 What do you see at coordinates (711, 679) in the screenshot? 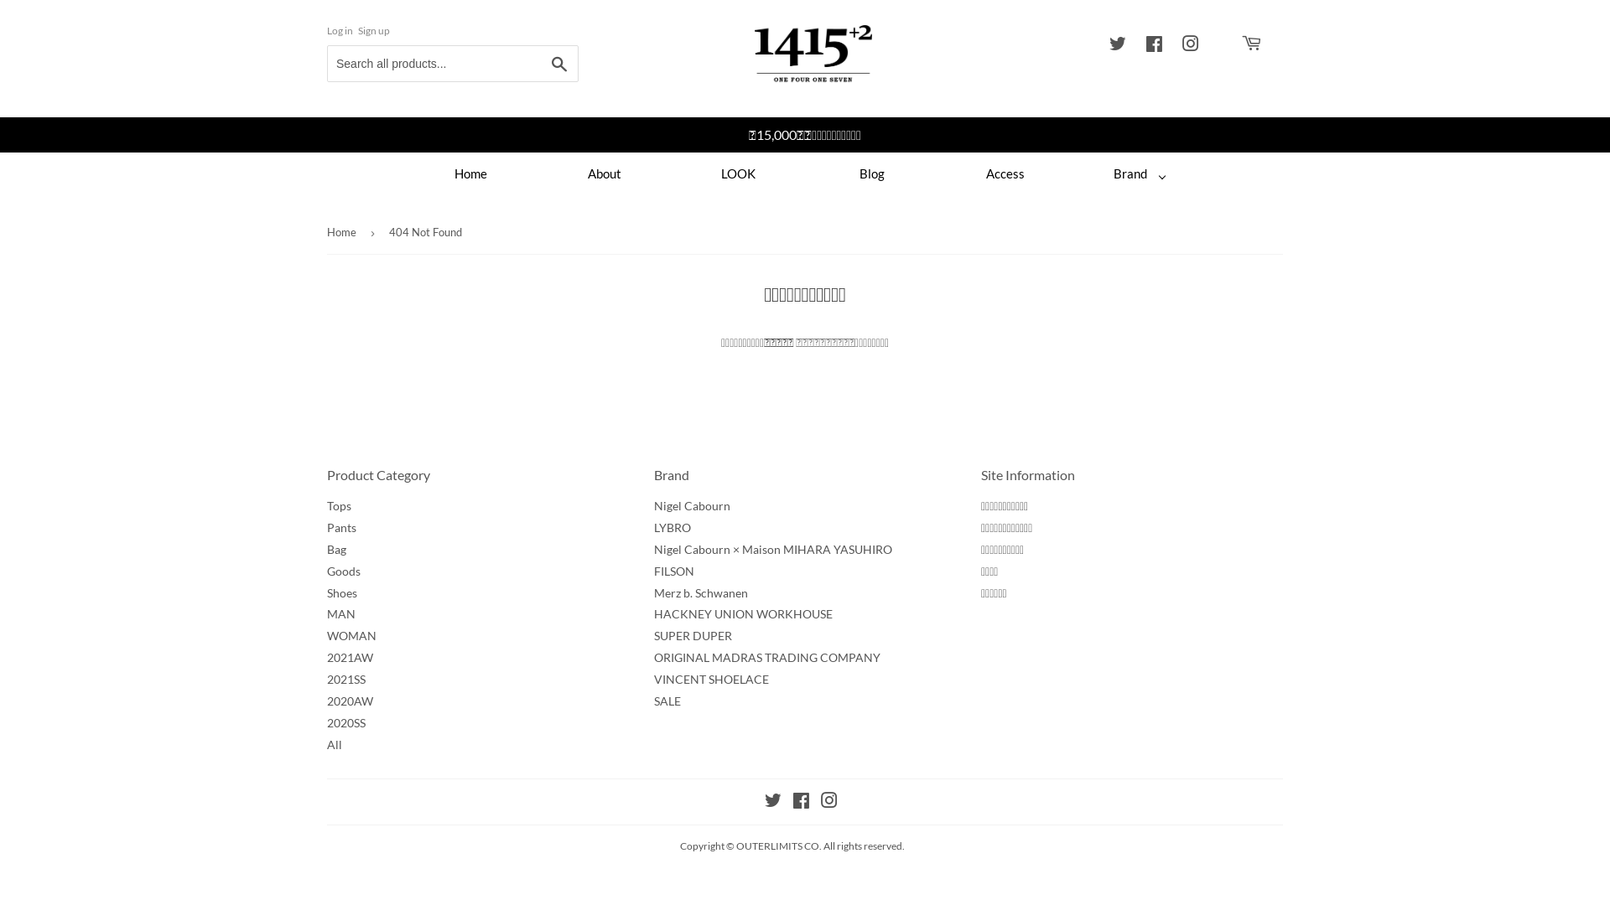
I see `'VINCENT SHOELACE'` at bounding box center [711, 679].